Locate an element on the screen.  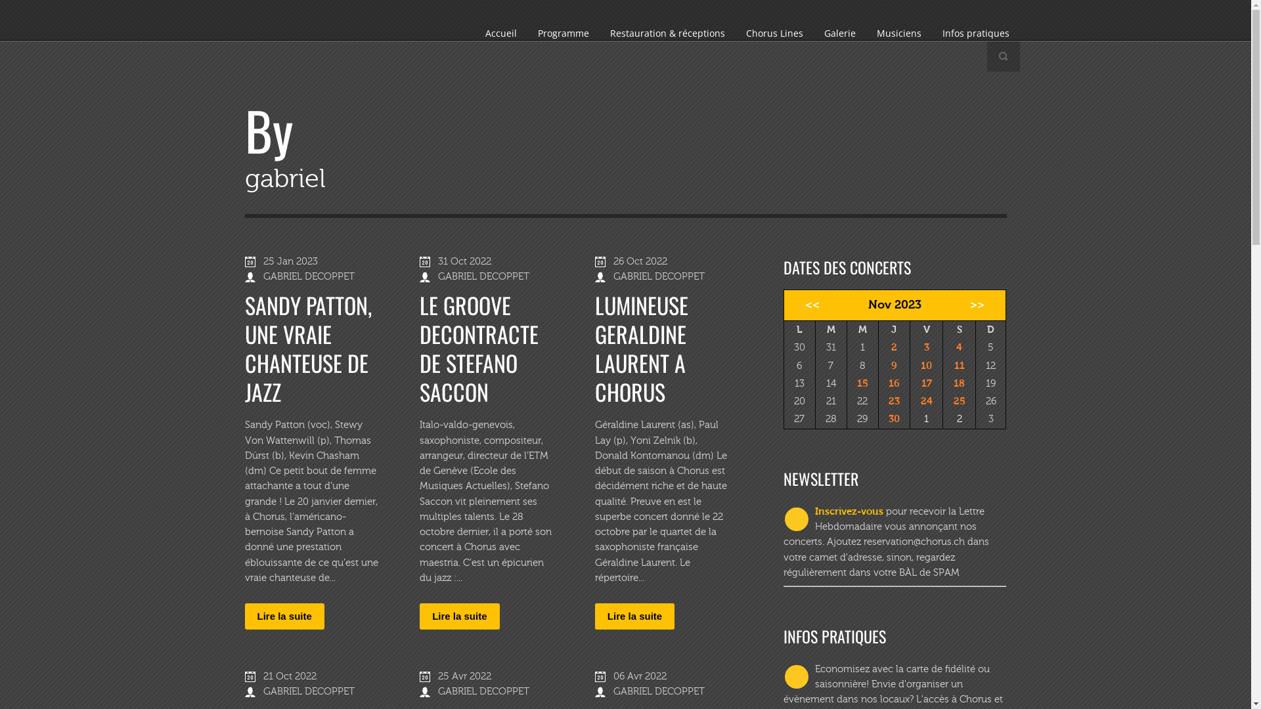
'17' is located at coordinates (920, 383).